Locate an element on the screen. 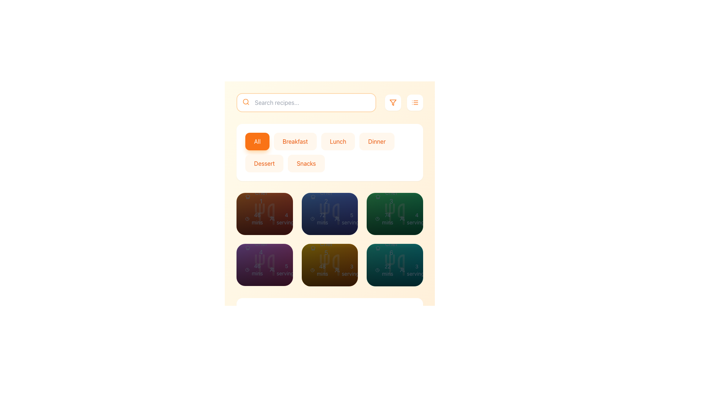 The image size is (704, 396). the 'Lunch' filter button located in the top center area of the interface, specifically the third button in the first row of a grid-like arrangement is located at coordinates (337, 141).